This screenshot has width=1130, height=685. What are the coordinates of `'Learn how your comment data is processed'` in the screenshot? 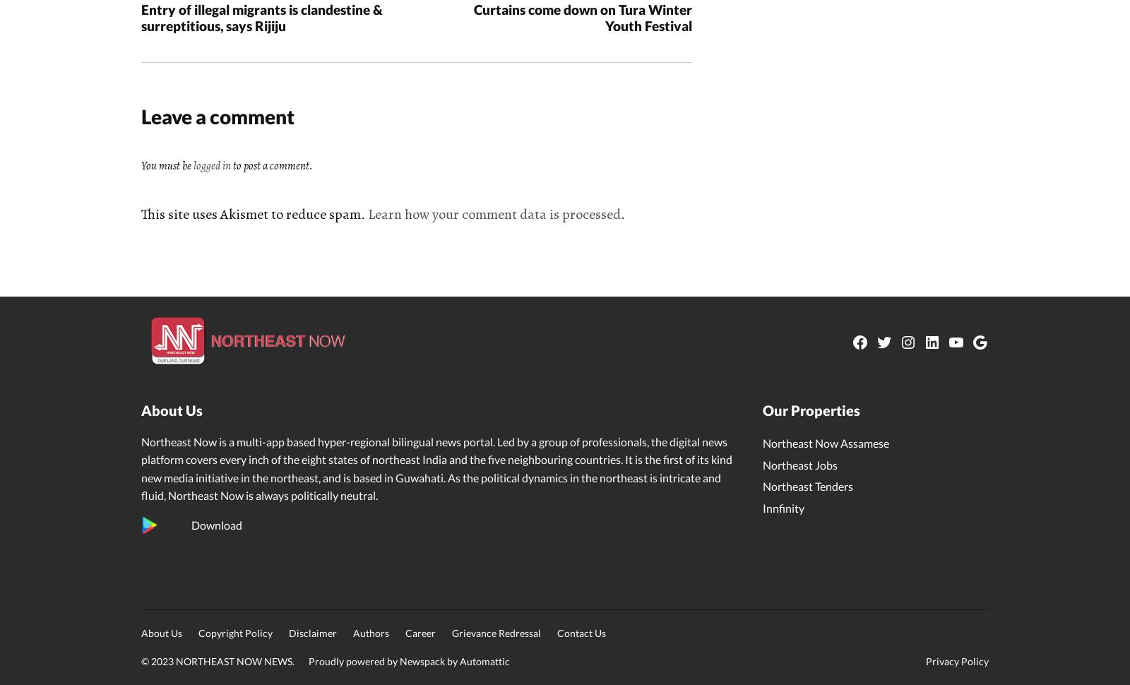 It's located at (494, 214).